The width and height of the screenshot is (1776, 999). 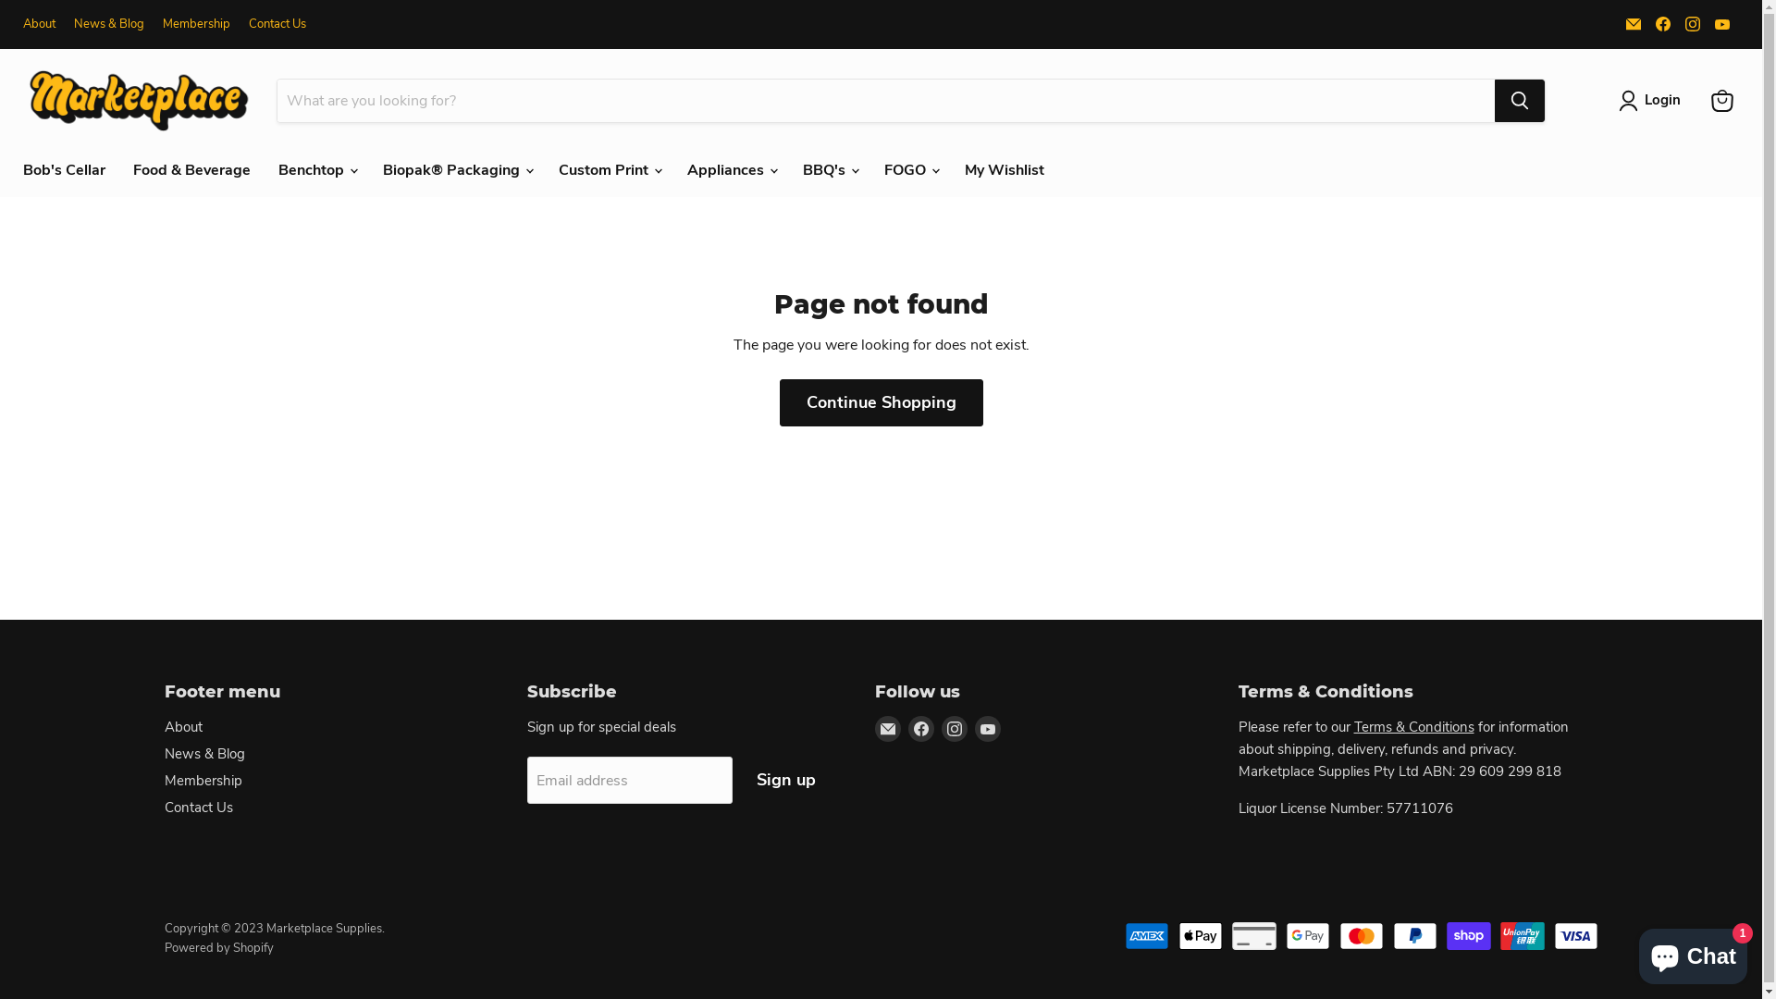 I want to click on 'News & Blog', so click(x=74, y=24).